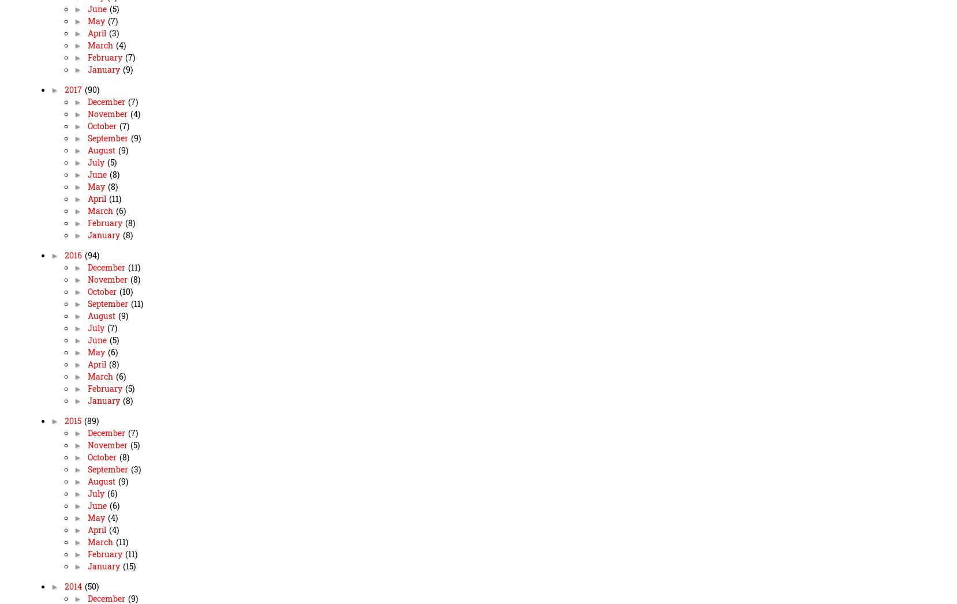 The image size is (957, 604). I want to click on '(89)', so click(91, 421).